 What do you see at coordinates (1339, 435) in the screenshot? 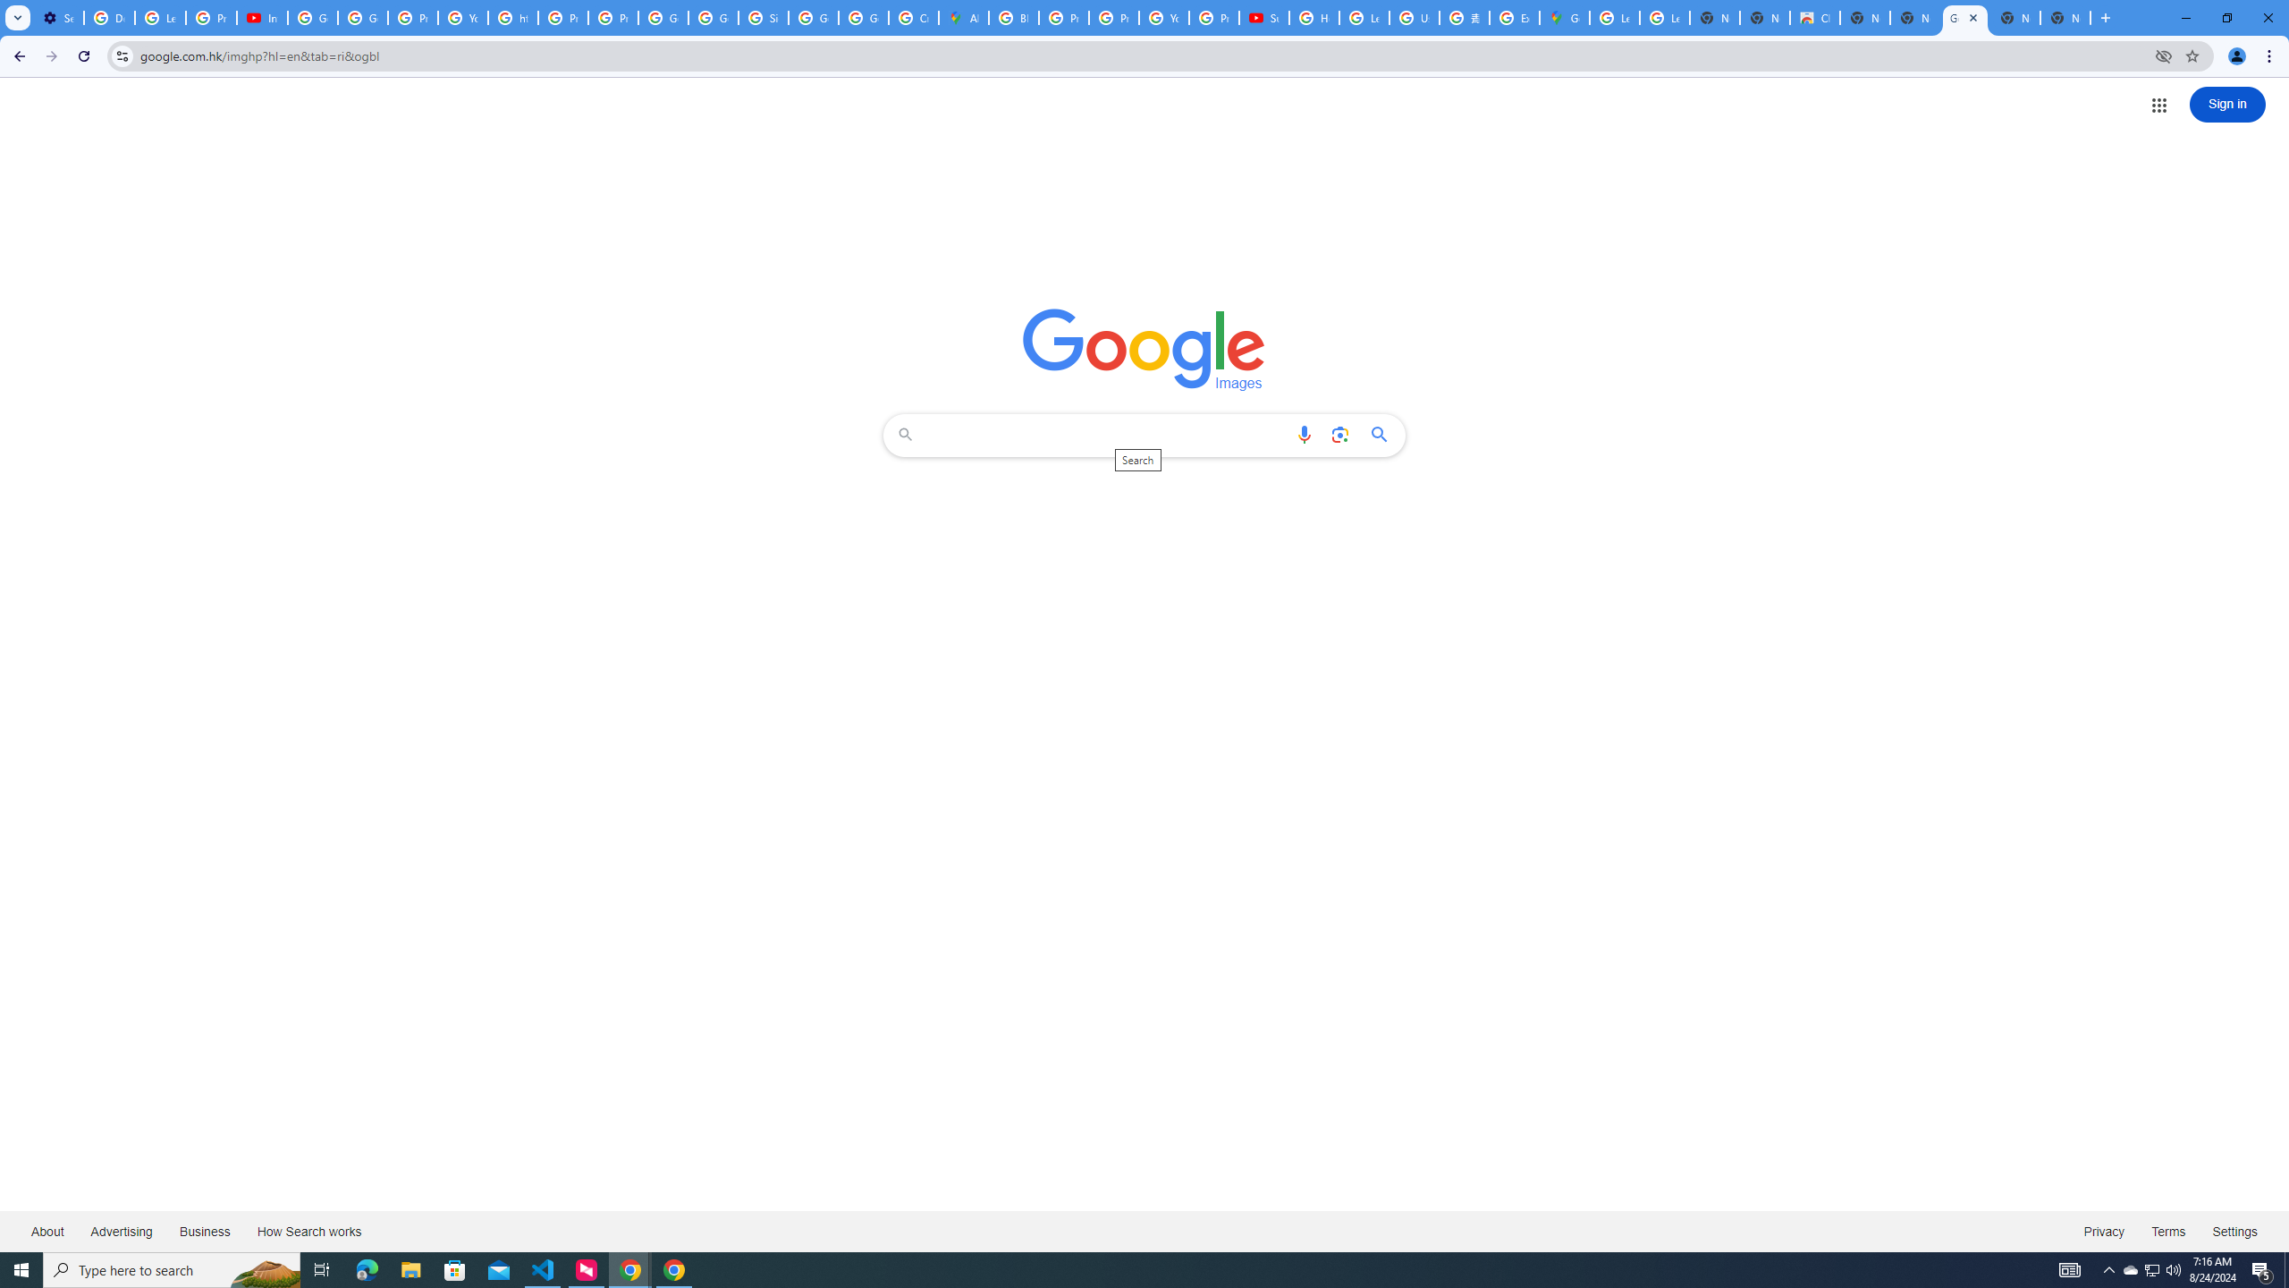
I see `'Search by image'` at bounding box center [1339, 435].